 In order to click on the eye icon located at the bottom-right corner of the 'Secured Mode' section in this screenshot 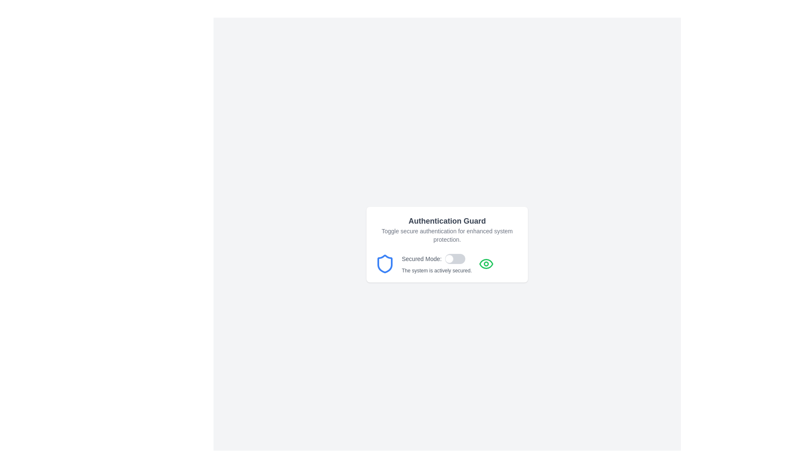, I will do `click(486, 264)`.